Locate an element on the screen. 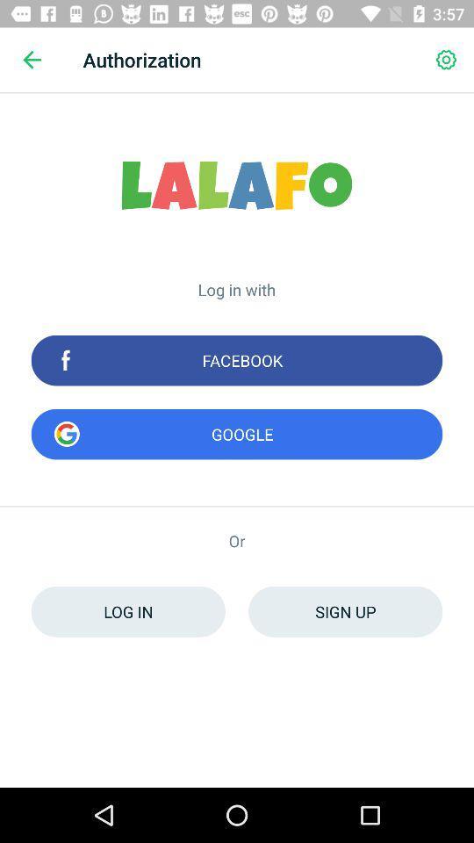 Image resolution: width=474 pixels, height=843 pixels. sign up icon is located at coordinates (345, 611).